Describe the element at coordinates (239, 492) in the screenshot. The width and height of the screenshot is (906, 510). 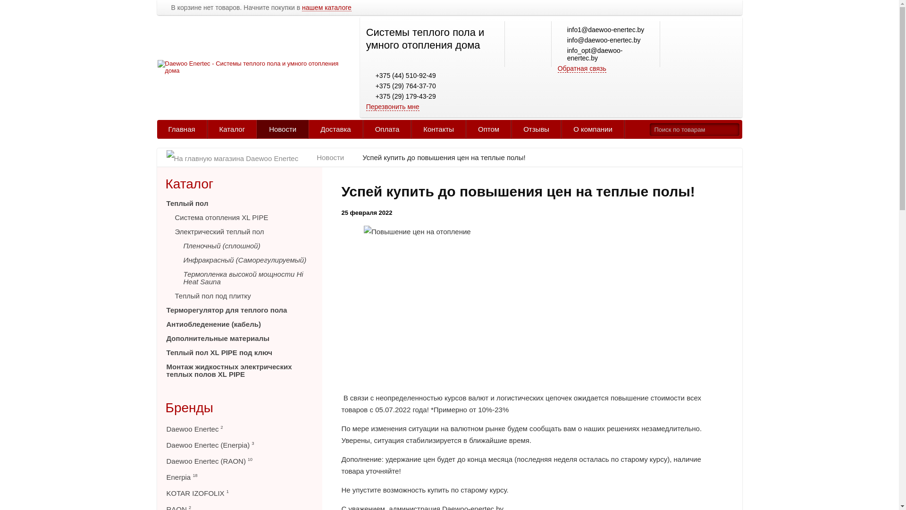
I see `'KOTAR IZOFOLIX 1'` at that location.